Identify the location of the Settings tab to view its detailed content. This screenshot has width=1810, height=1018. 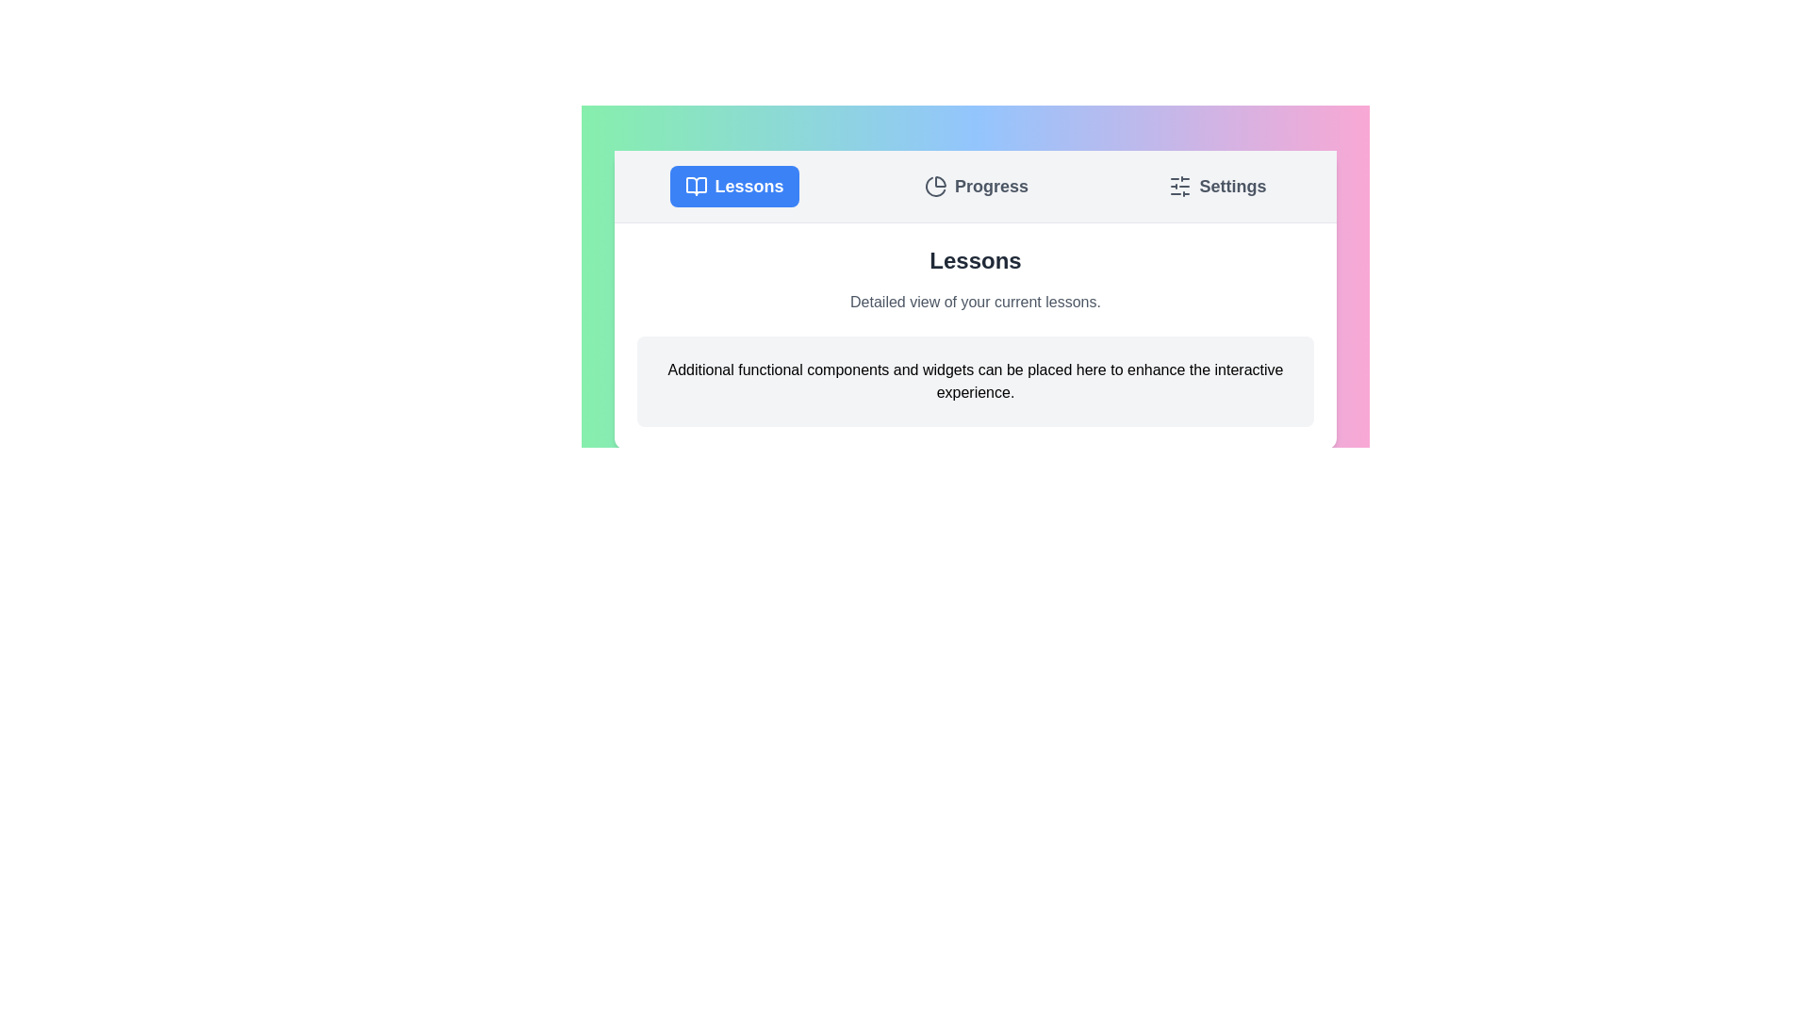
(1217, 186).